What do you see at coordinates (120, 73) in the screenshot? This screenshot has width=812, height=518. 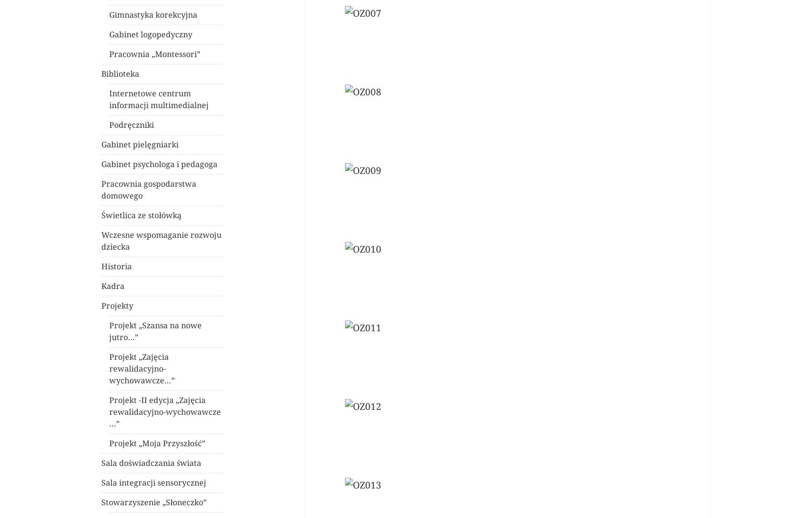 I see `'Biblioteka'` at bounding box center [120, 73].